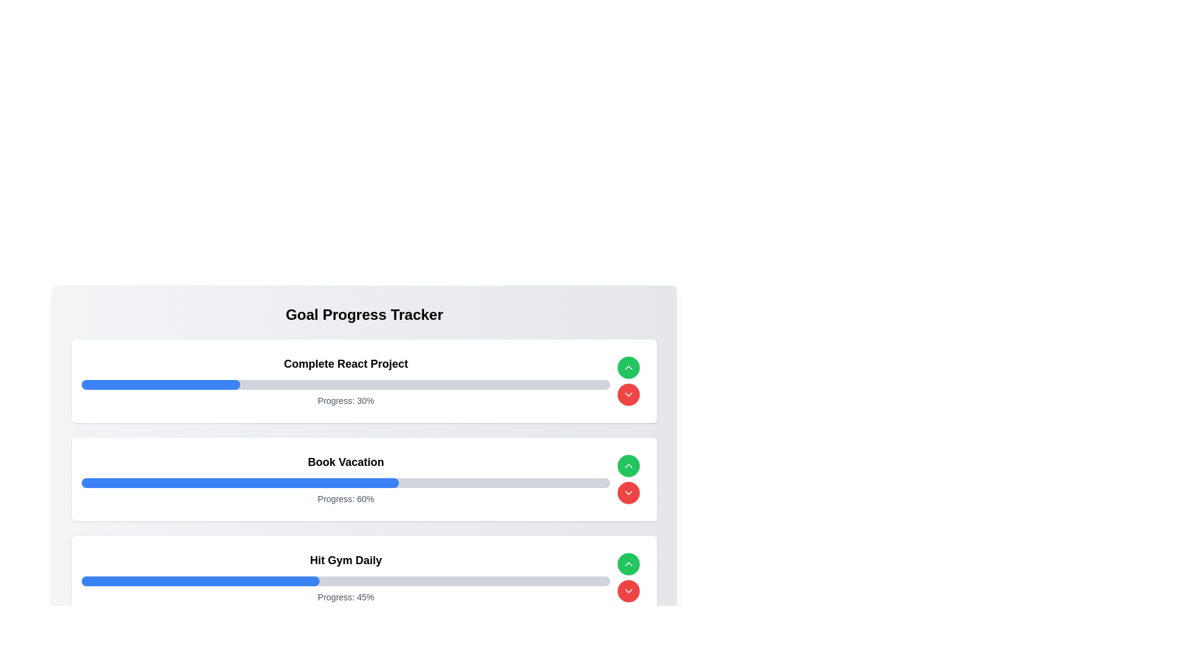 The image size is (1180, 663). What do you see at coordinates (200, 581) in the screenshot?
I see `the blue progress bar indicating 45% completion within the 'Hit Gym Daily' section` at bounding box center [200, 581].